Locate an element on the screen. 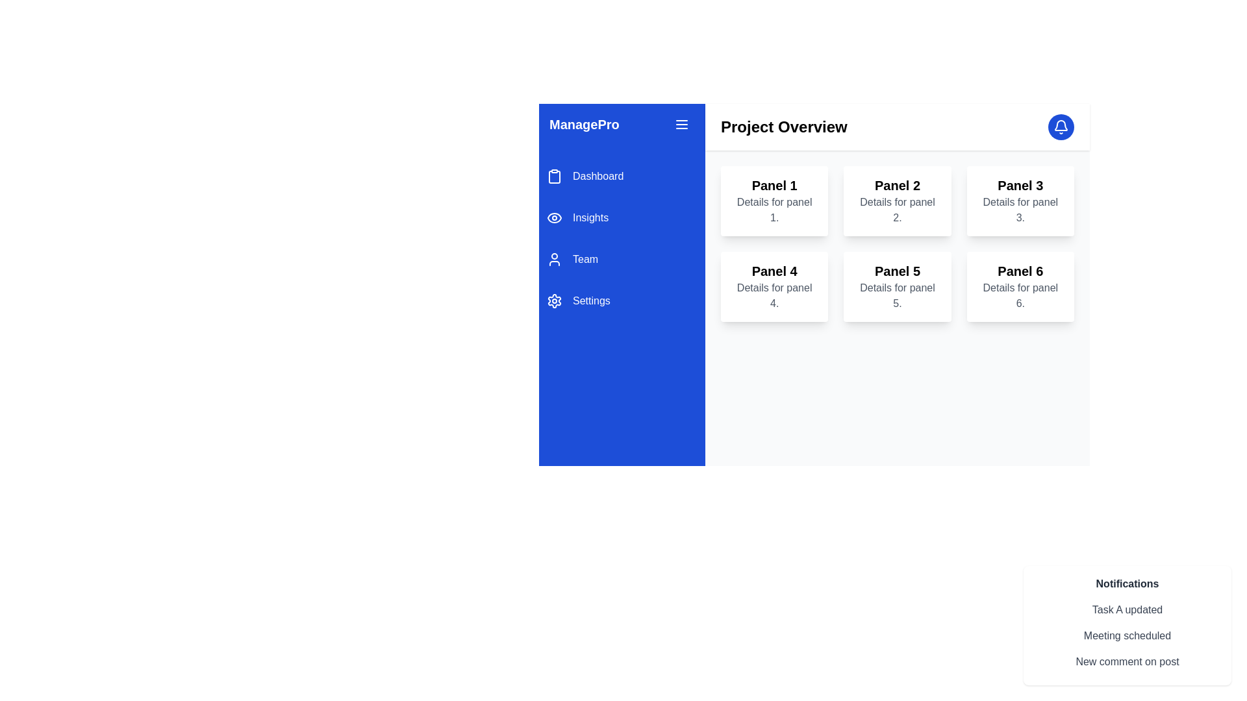  the rectangular shape inside the clipboard icon located in the vertical navigation menu on the left side of the interface, which is styled with a minimalist line design and colored blue is located at coordinates (555, 177).